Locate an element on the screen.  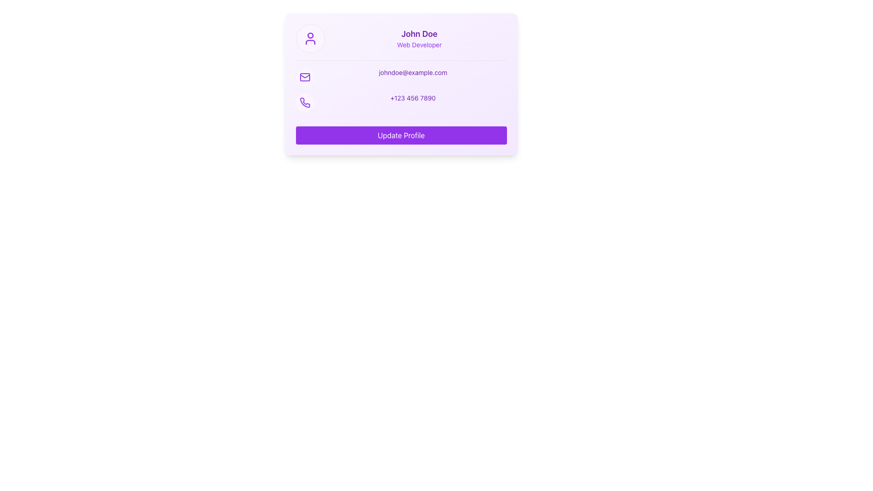
the profile update button located at the bottom of the user information card is located at coordinates (401, 135).